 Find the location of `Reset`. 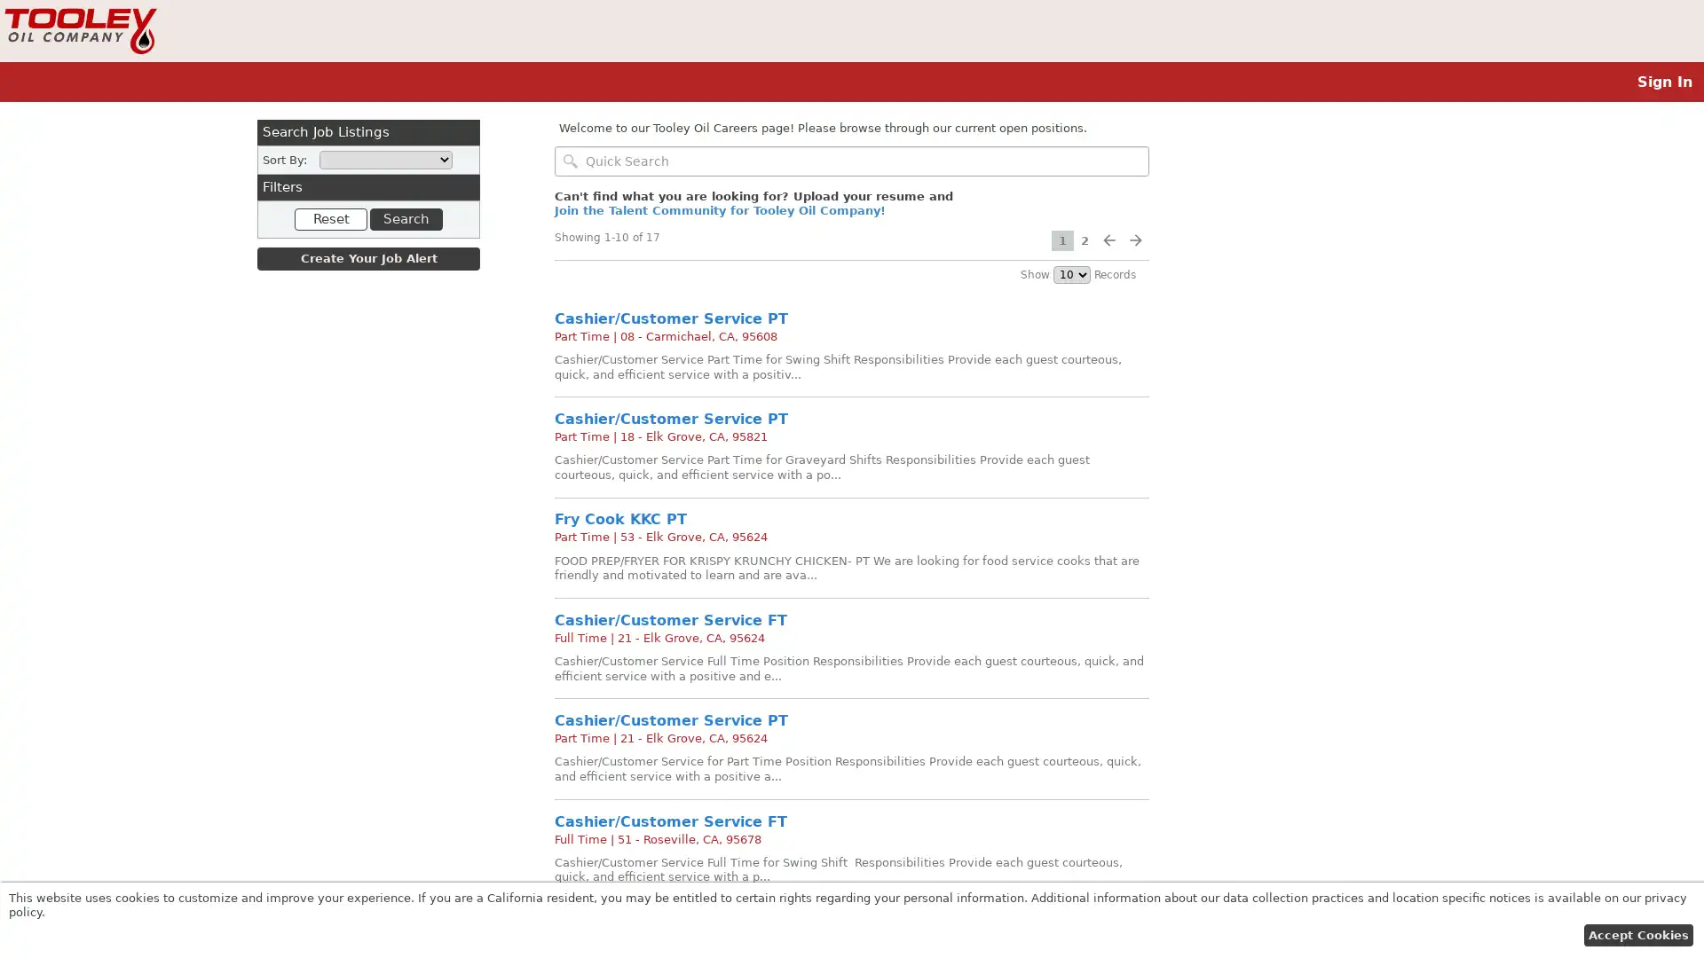

Reset is located at coordinates (331, 217).